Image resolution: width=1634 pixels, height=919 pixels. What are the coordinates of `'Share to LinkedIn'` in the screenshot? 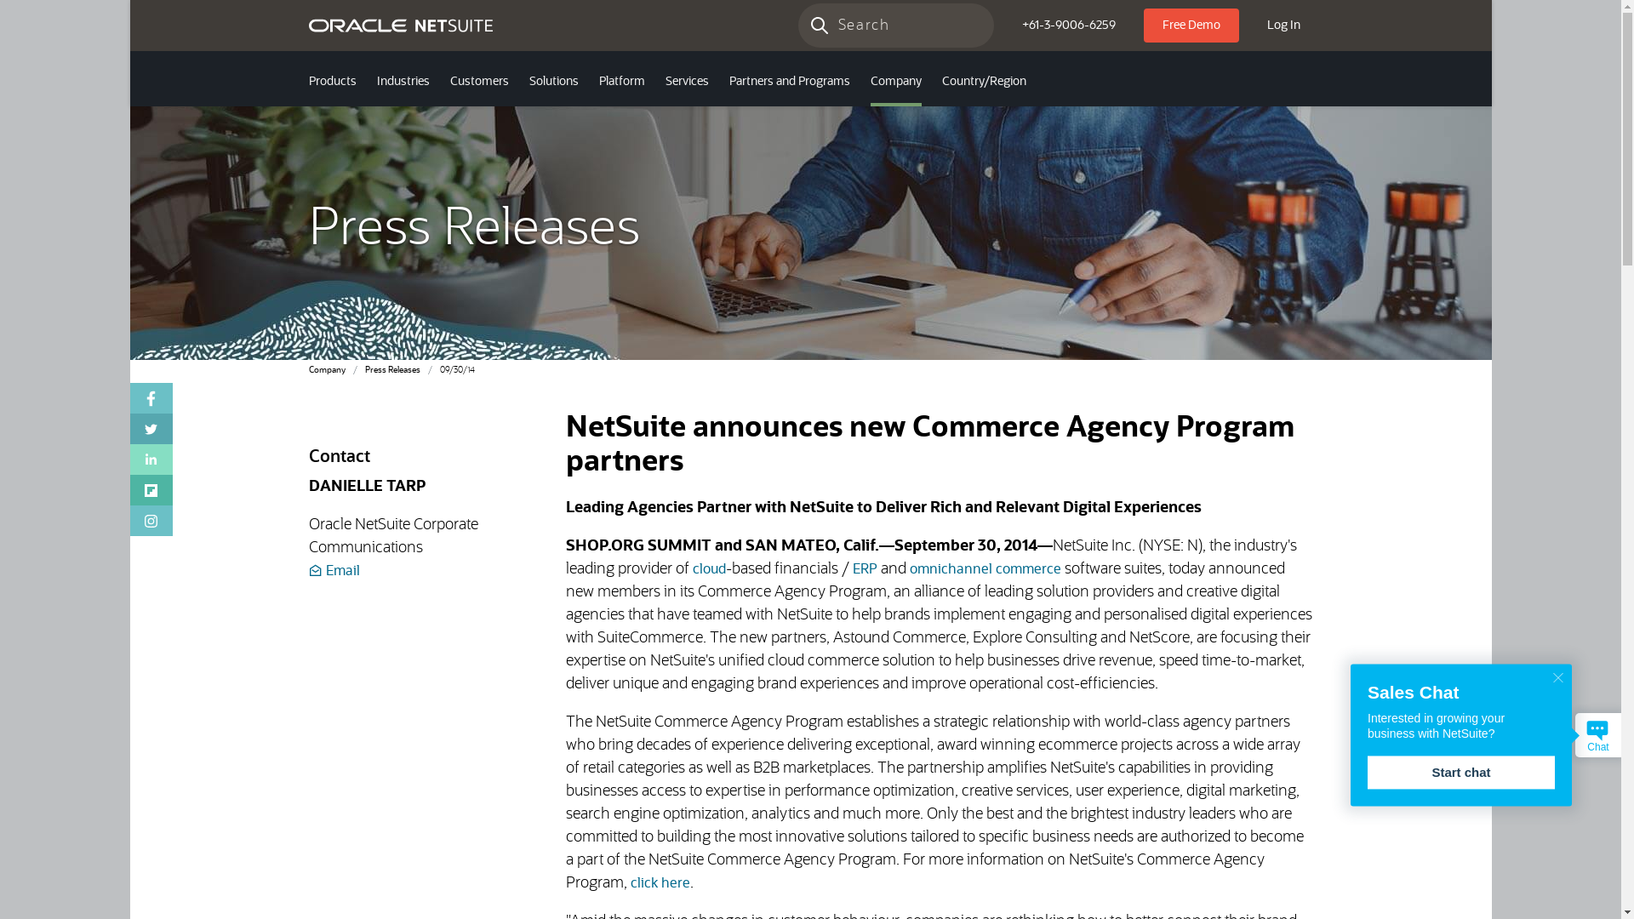 It's located at (151, 459).